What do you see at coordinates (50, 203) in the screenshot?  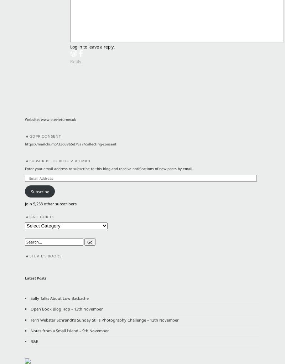 I see `'Join 5,258 other subscribers'` at bounding box center [50, 203].